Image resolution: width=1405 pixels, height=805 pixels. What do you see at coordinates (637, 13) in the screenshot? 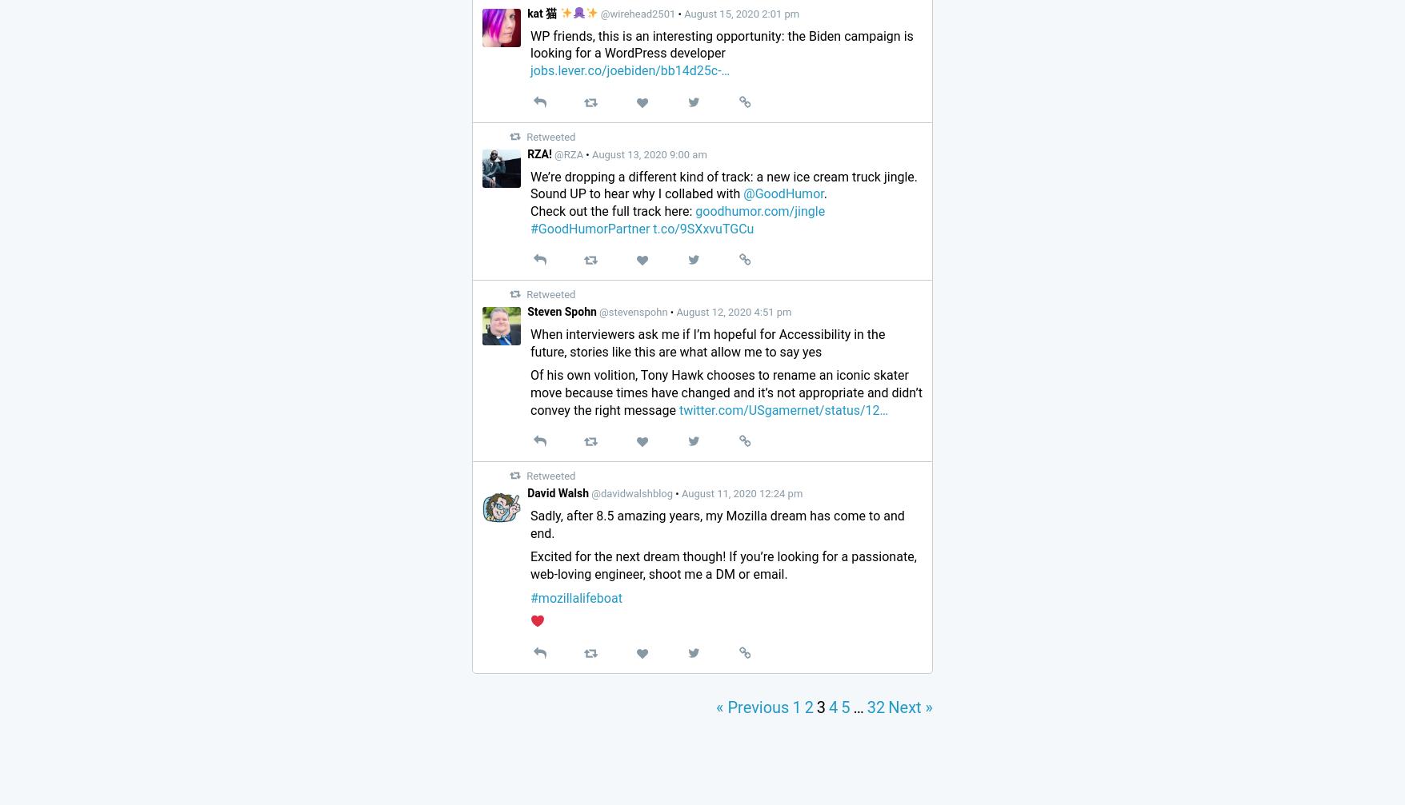
I see `'@wirehead2501'` at bounding box center [637, 13].